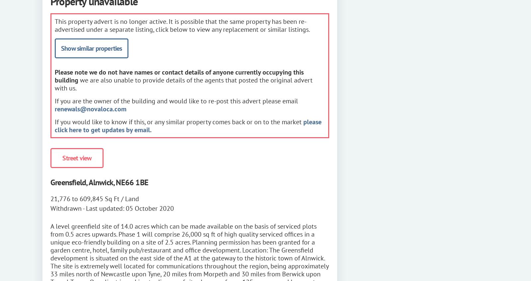 The width and height of the screenshot is (531, 281). Describe the element at coordinates (183, 83) in the screenshot. I see `'we are also unable to provide details of the agents that posted the original advert with us.'` at that location.